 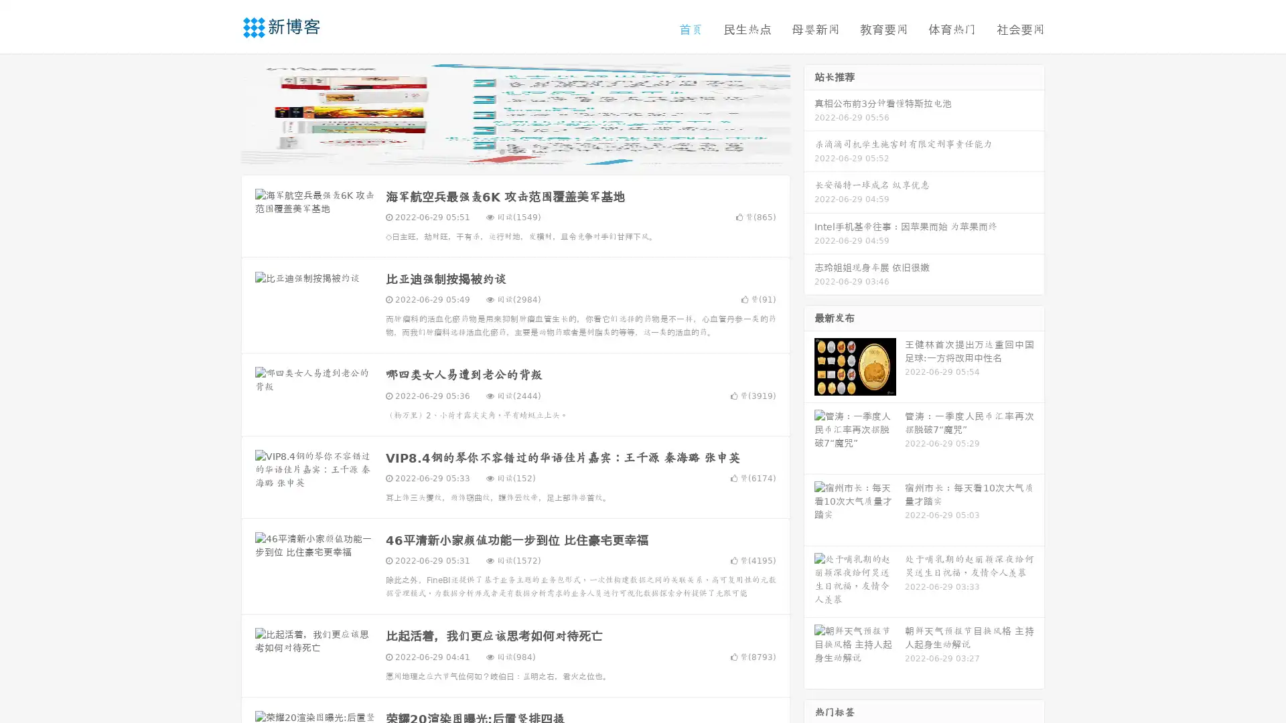 I want to click on Go to slide 1, so click(x=501, y=151).